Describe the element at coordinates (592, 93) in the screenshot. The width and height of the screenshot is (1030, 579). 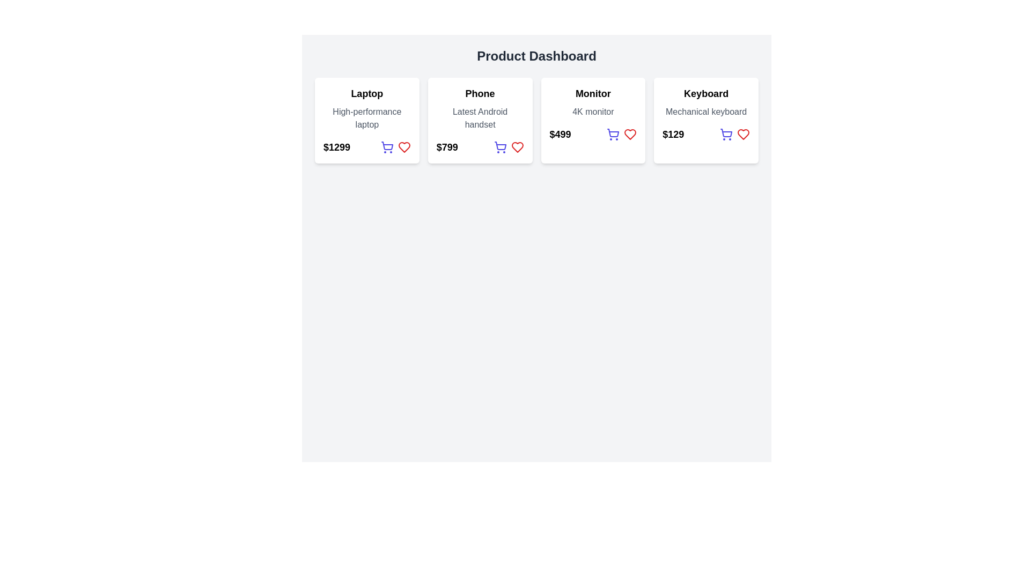
I see `the 'Monitor' text label, which serves as the title indicating the category of the item within the monitor information card` at that location.